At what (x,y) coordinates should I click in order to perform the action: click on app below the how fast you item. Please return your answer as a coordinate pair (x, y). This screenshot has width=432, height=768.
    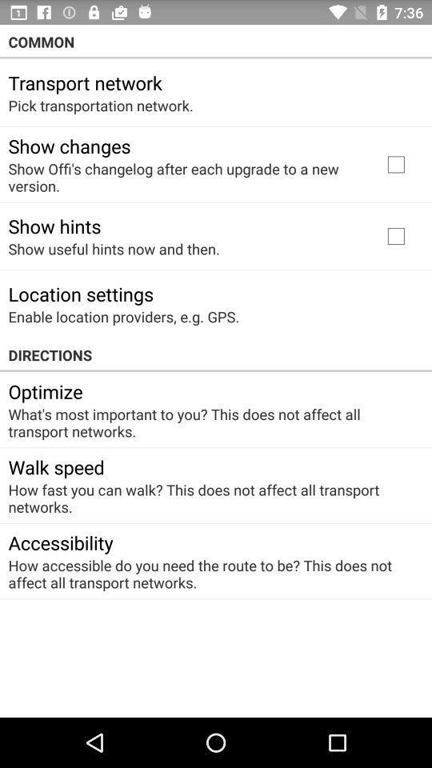
    Looking at the image, I should click on (60, 542).